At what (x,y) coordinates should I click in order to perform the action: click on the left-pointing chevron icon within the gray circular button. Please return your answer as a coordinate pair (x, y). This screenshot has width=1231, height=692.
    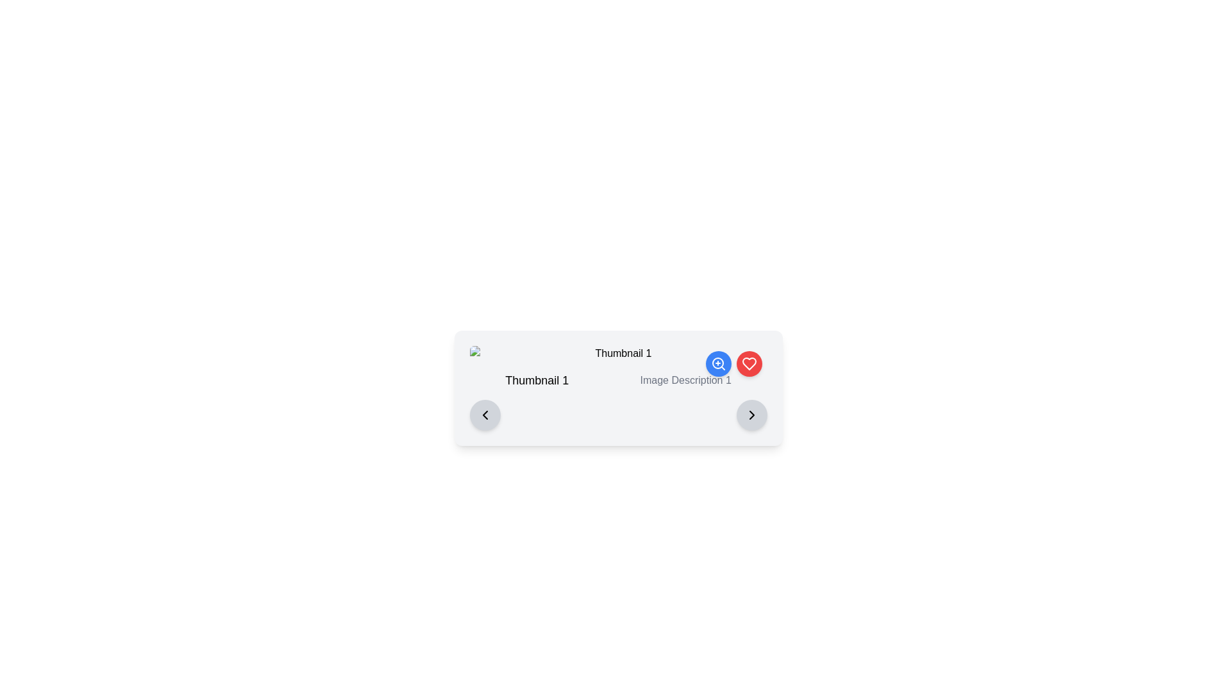
    Looking at the image, I should click on (484, 415).